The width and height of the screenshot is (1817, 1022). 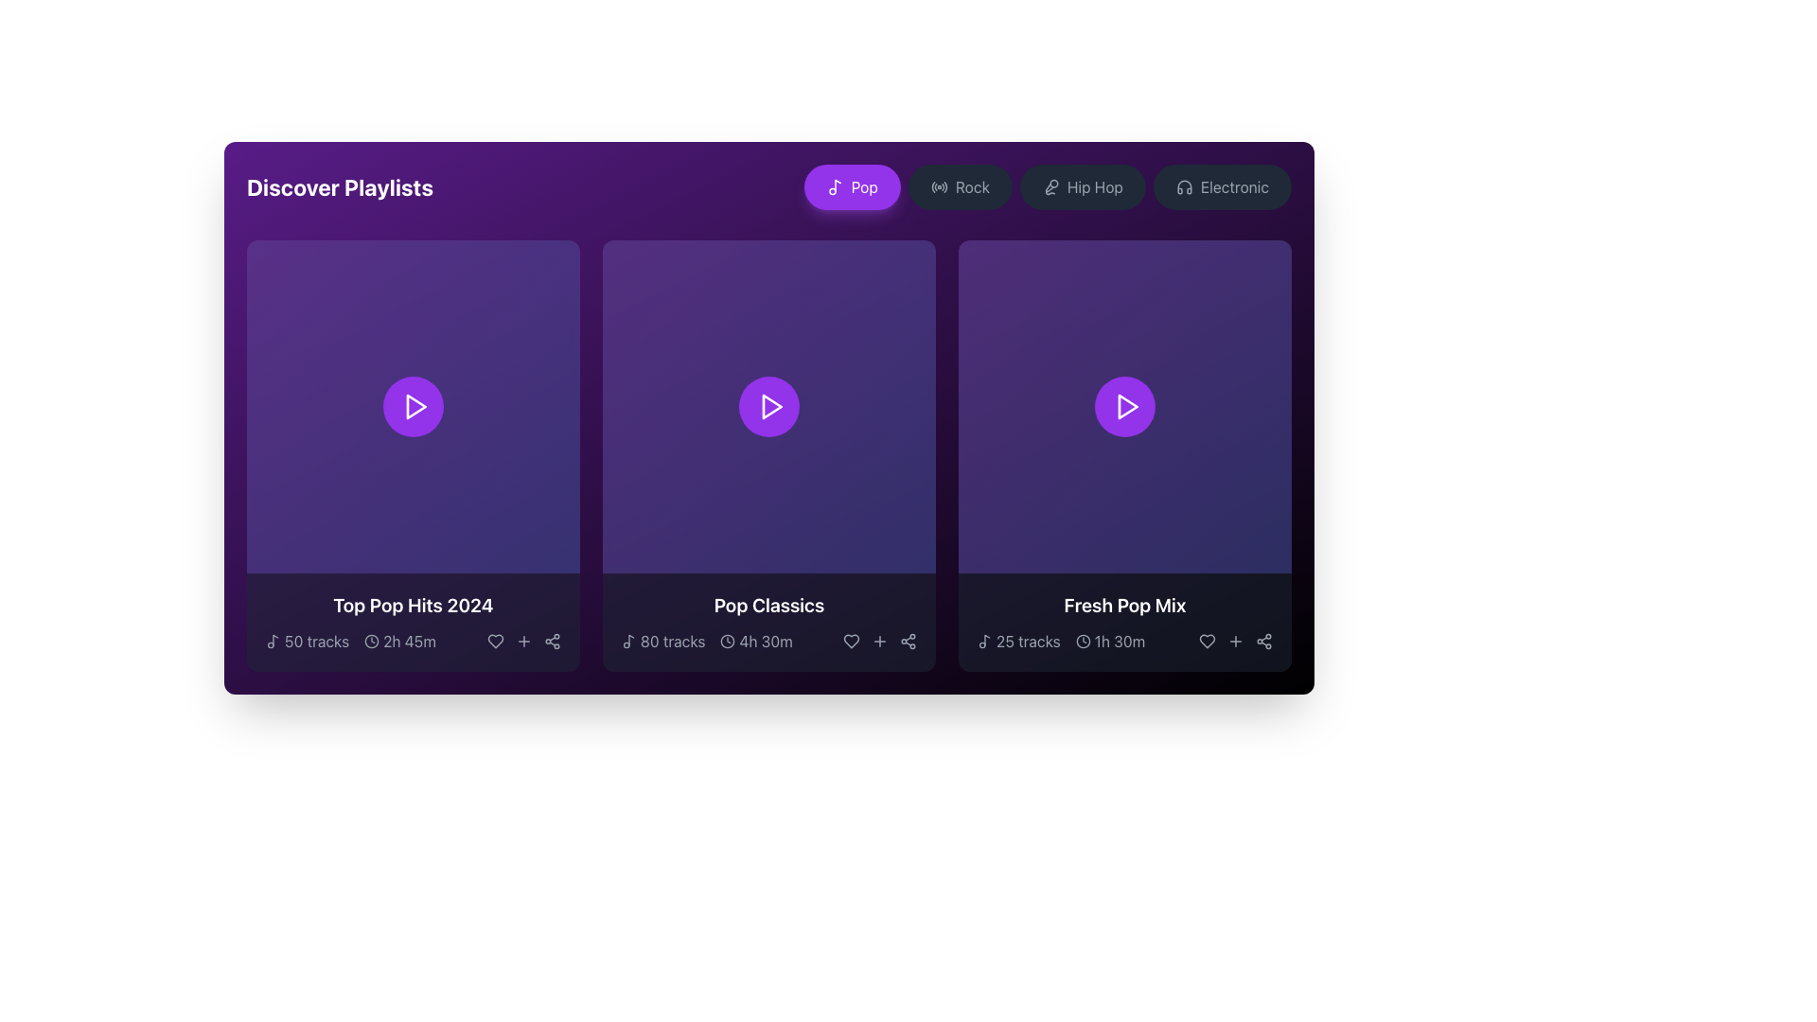 I want to click on the clock icon with the text '1h 30m' in the duration information section of the 'Fresh Pop Mix' playlist, which is located in the third panel of the playlist cards, so click(x=1110, y=641).